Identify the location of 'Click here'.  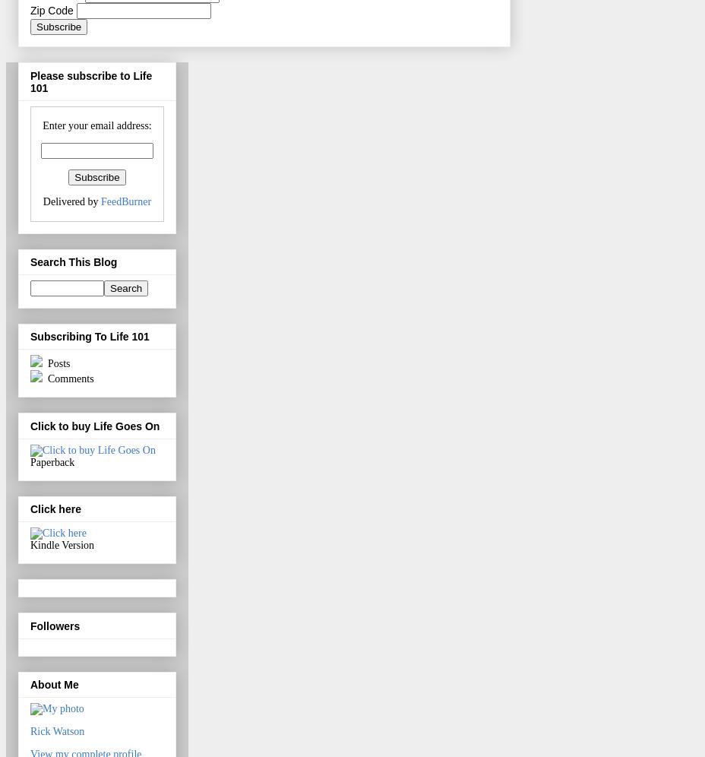
(29, 509).